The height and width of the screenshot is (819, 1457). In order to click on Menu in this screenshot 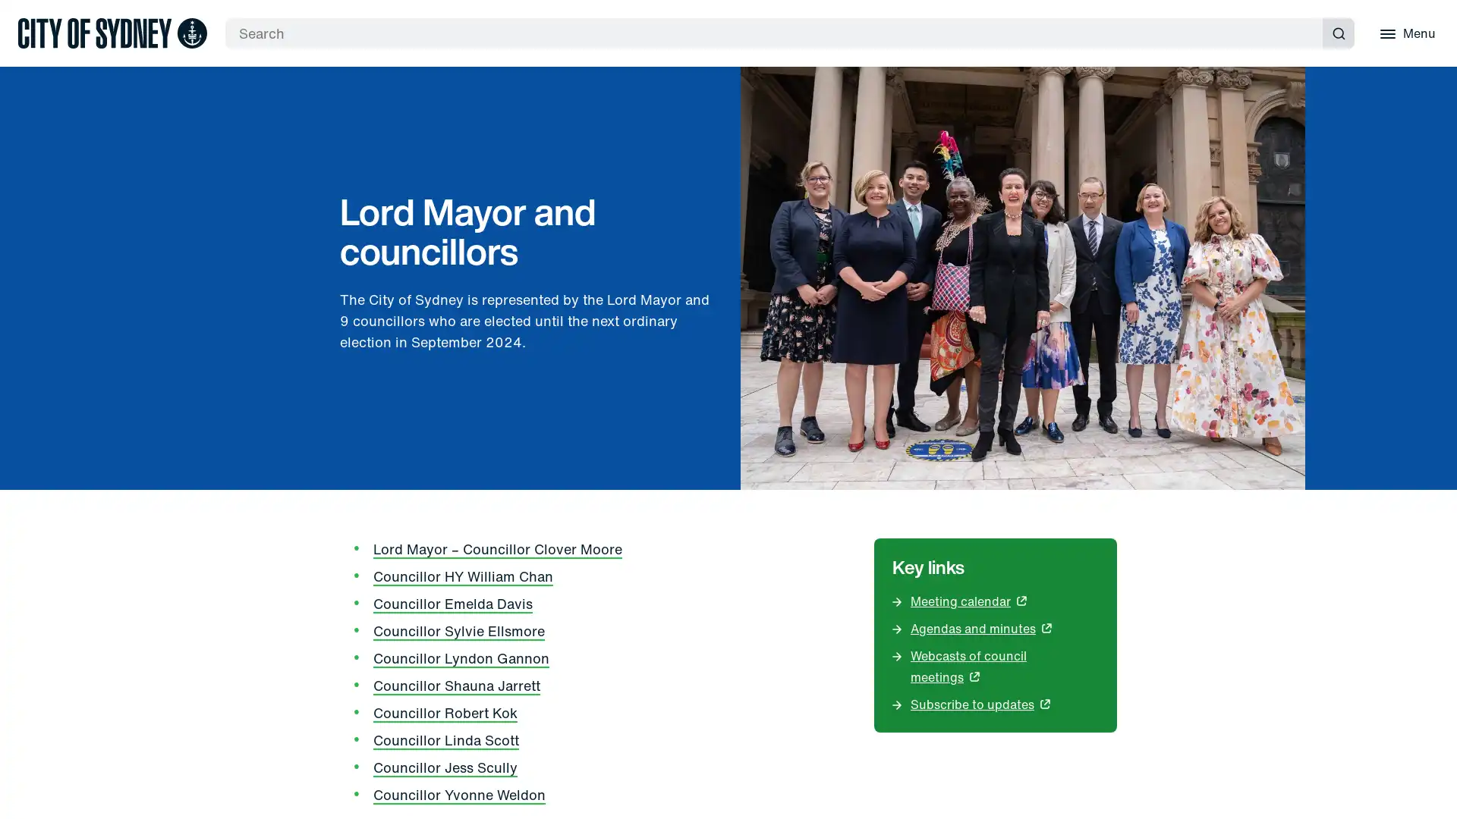, I will do `click(1405, 33)`.